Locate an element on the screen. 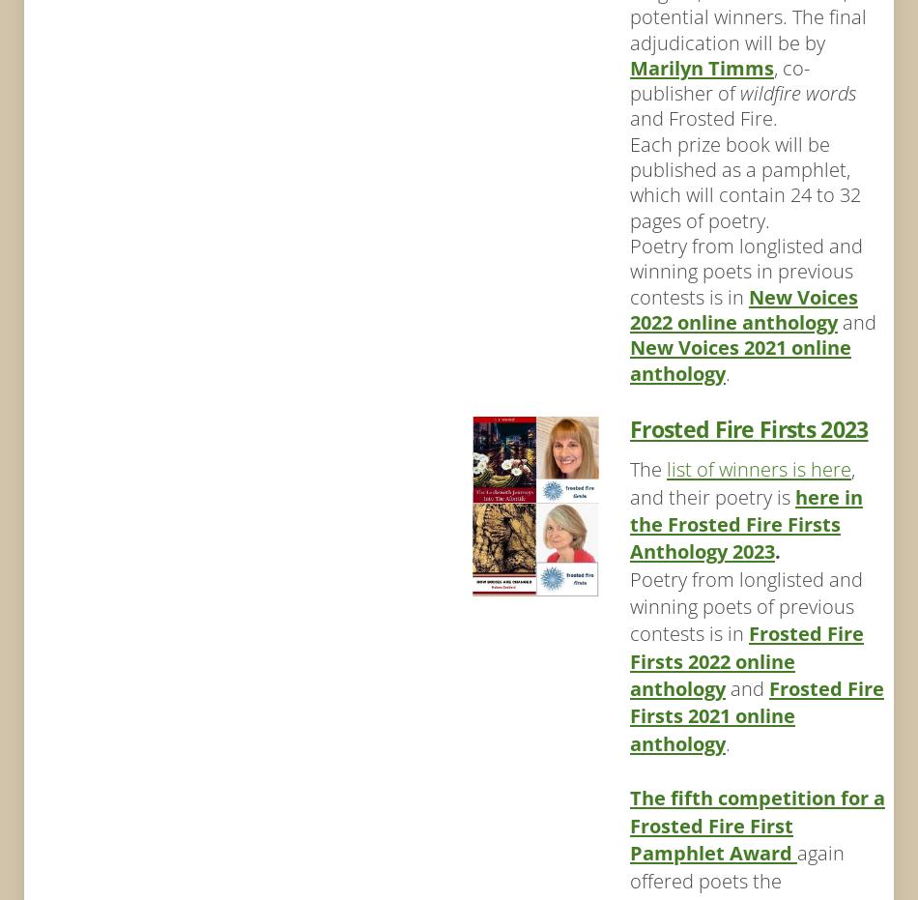 This screenshot has height=900, width=918. 'The fifth competition for a Frosted Fire First Pamphlet Award' is located at coordinates (629, 824).